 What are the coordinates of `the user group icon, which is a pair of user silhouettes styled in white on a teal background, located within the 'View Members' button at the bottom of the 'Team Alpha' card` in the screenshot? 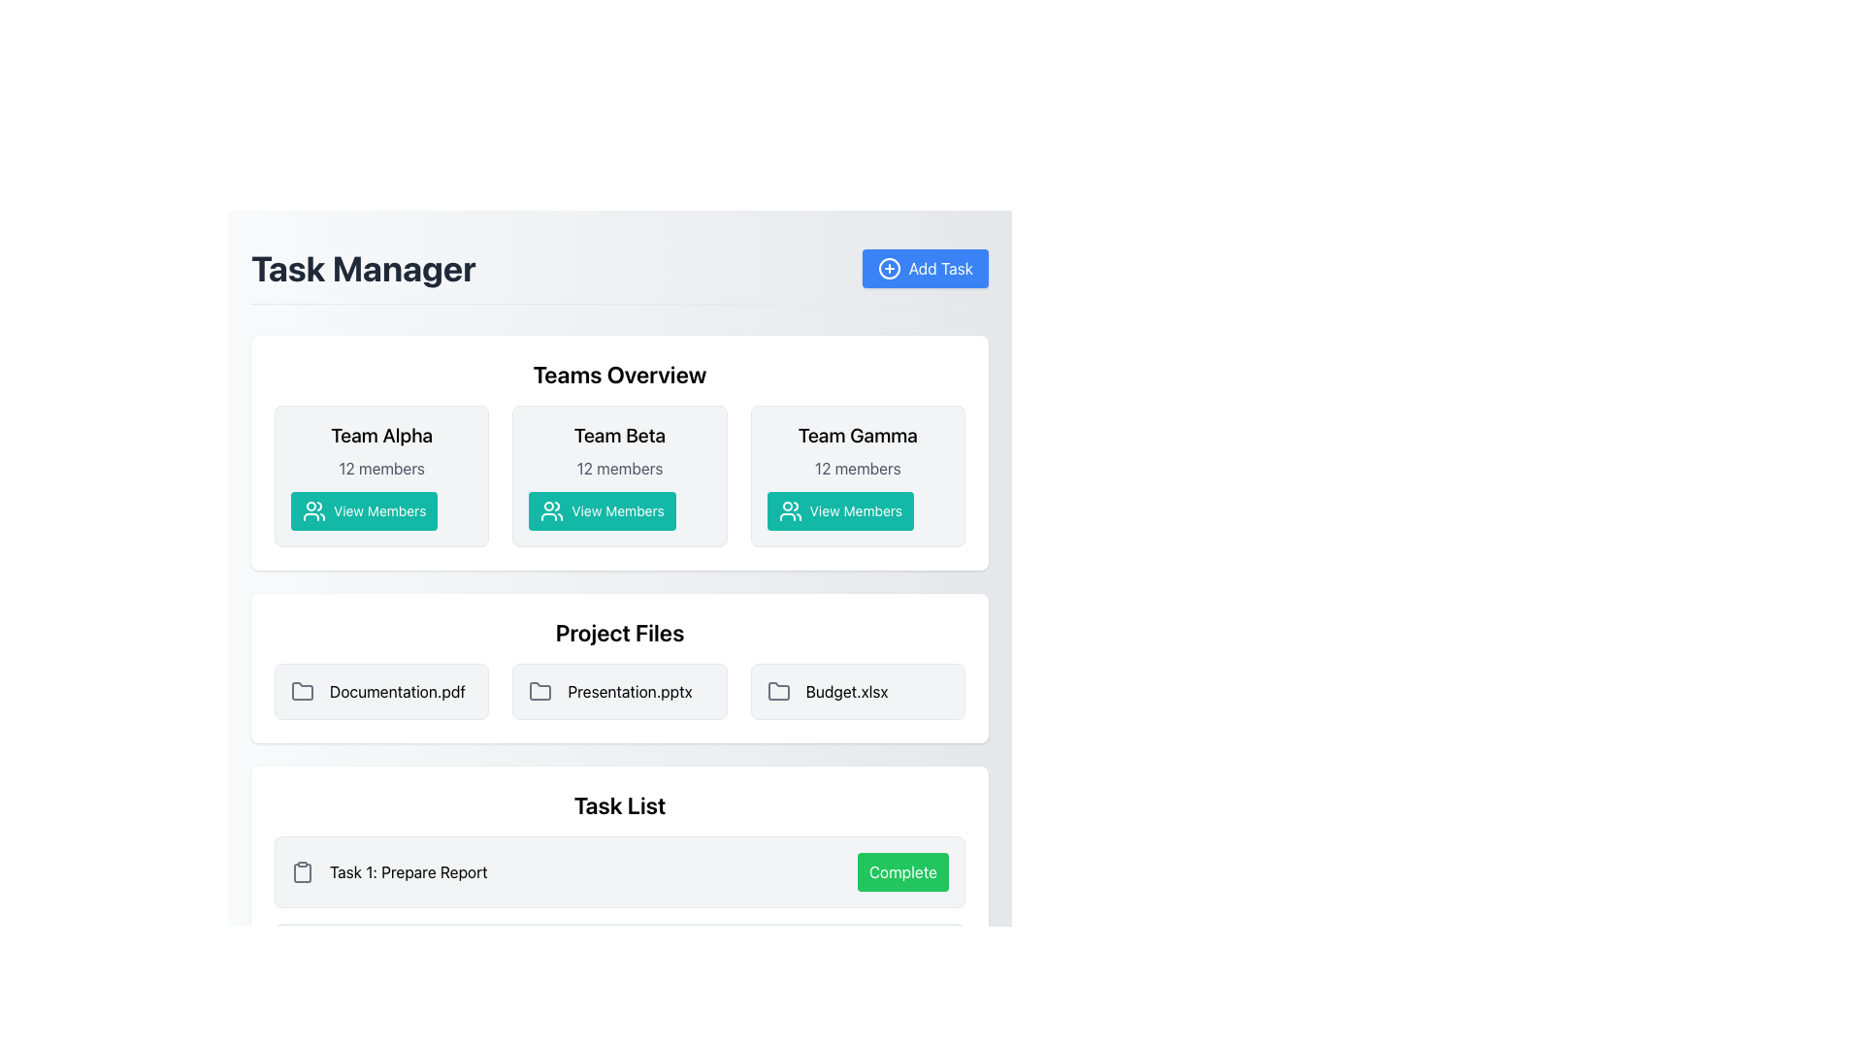 It's located at (314, 510).